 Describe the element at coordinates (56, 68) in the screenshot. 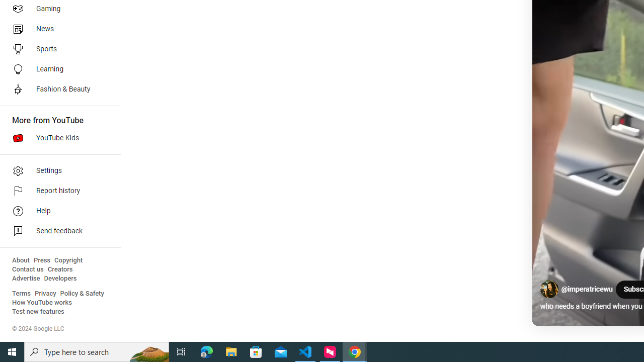

I see `'Learning'` at that location.